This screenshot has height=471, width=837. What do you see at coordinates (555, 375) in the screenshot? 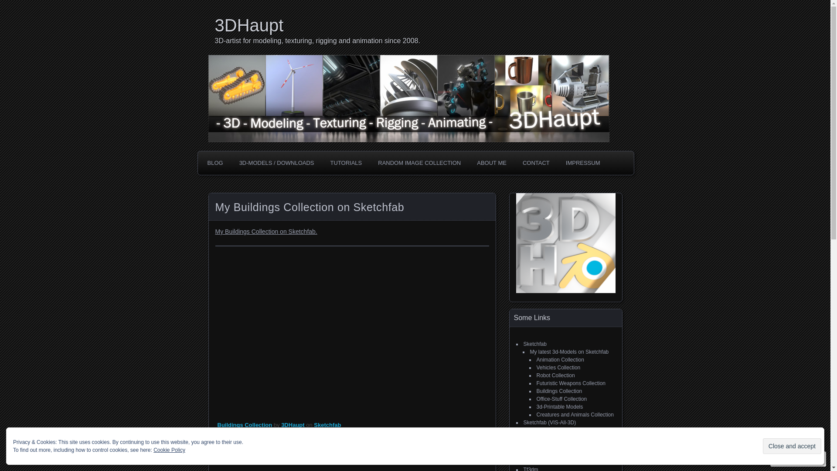
I see `'Robot Collection'` at bounding box center [555, 375].